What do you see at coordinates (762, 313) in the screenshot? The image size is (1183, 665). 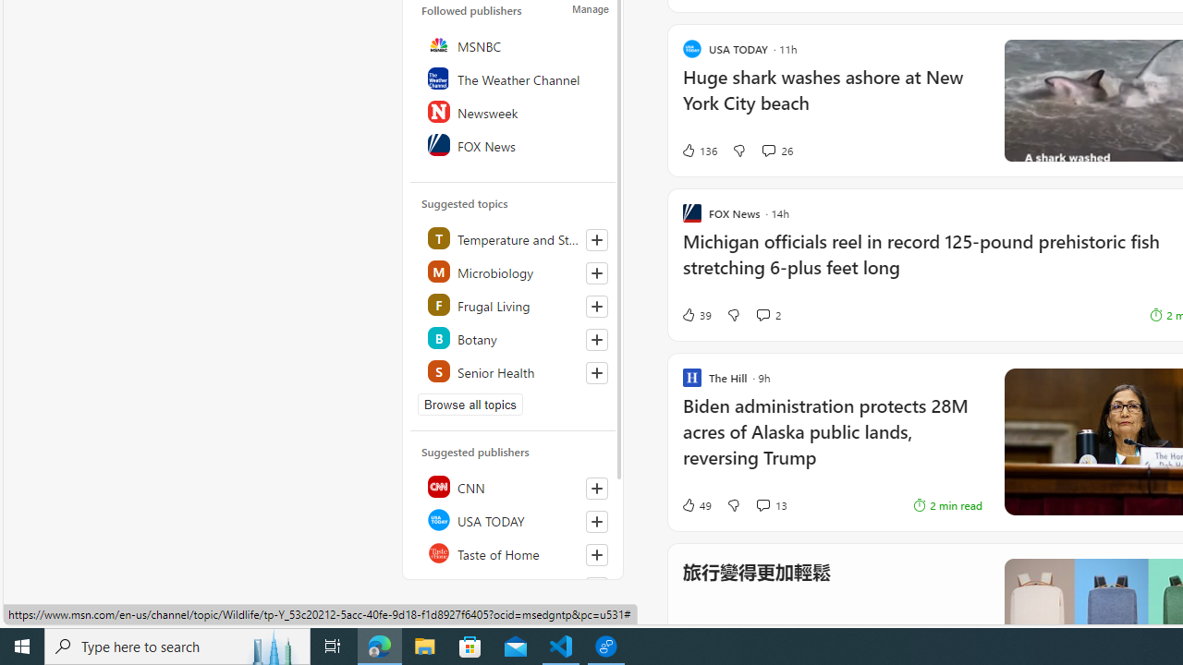 I see `'View comments 2 Comment'` at bounding box center [762, 313].